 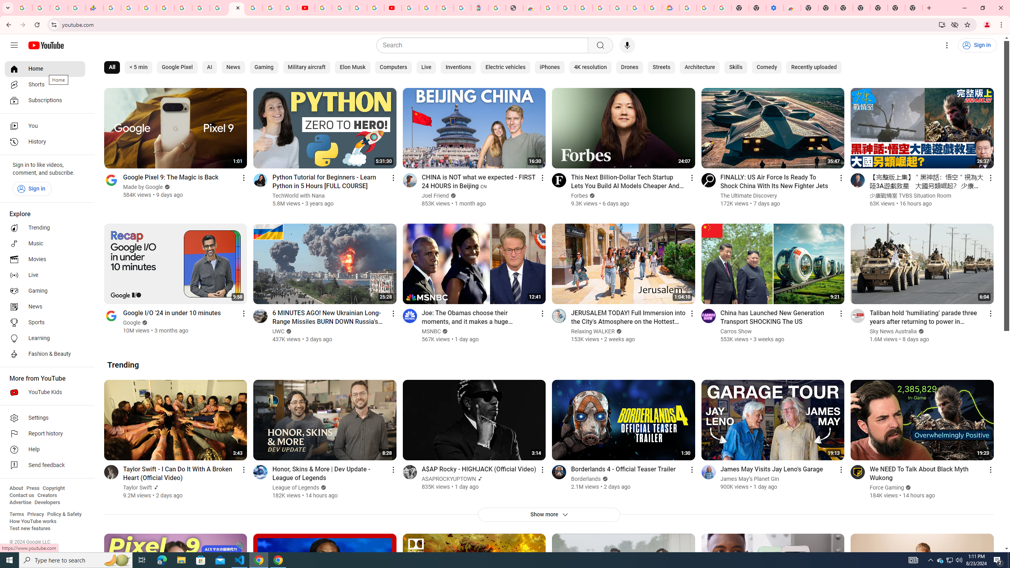 I want to click on 'Creators', so click(x=47, y=495).